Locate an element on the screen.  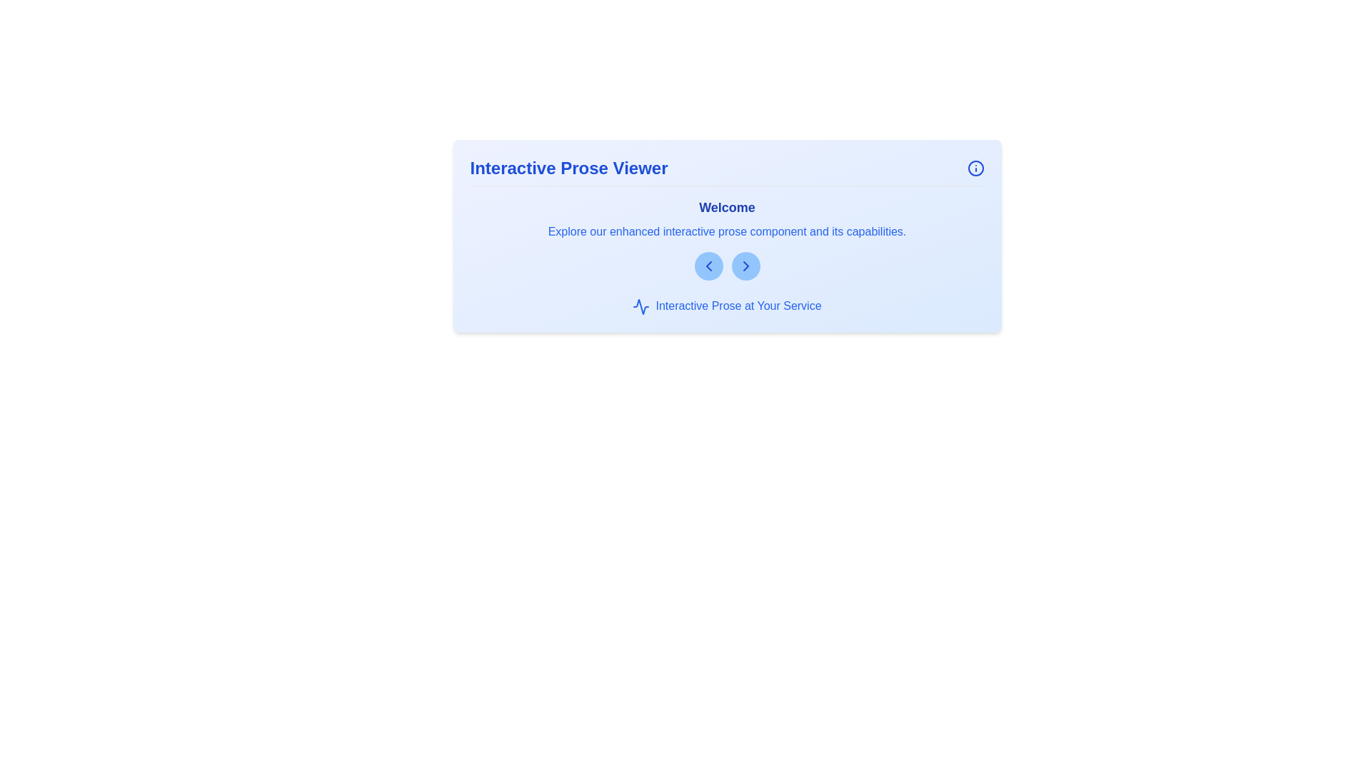
the right-pointing arrow button, which is the second in a group of two horizontal circular buttons, to initiate navigation is located at coordinates (745, 266).